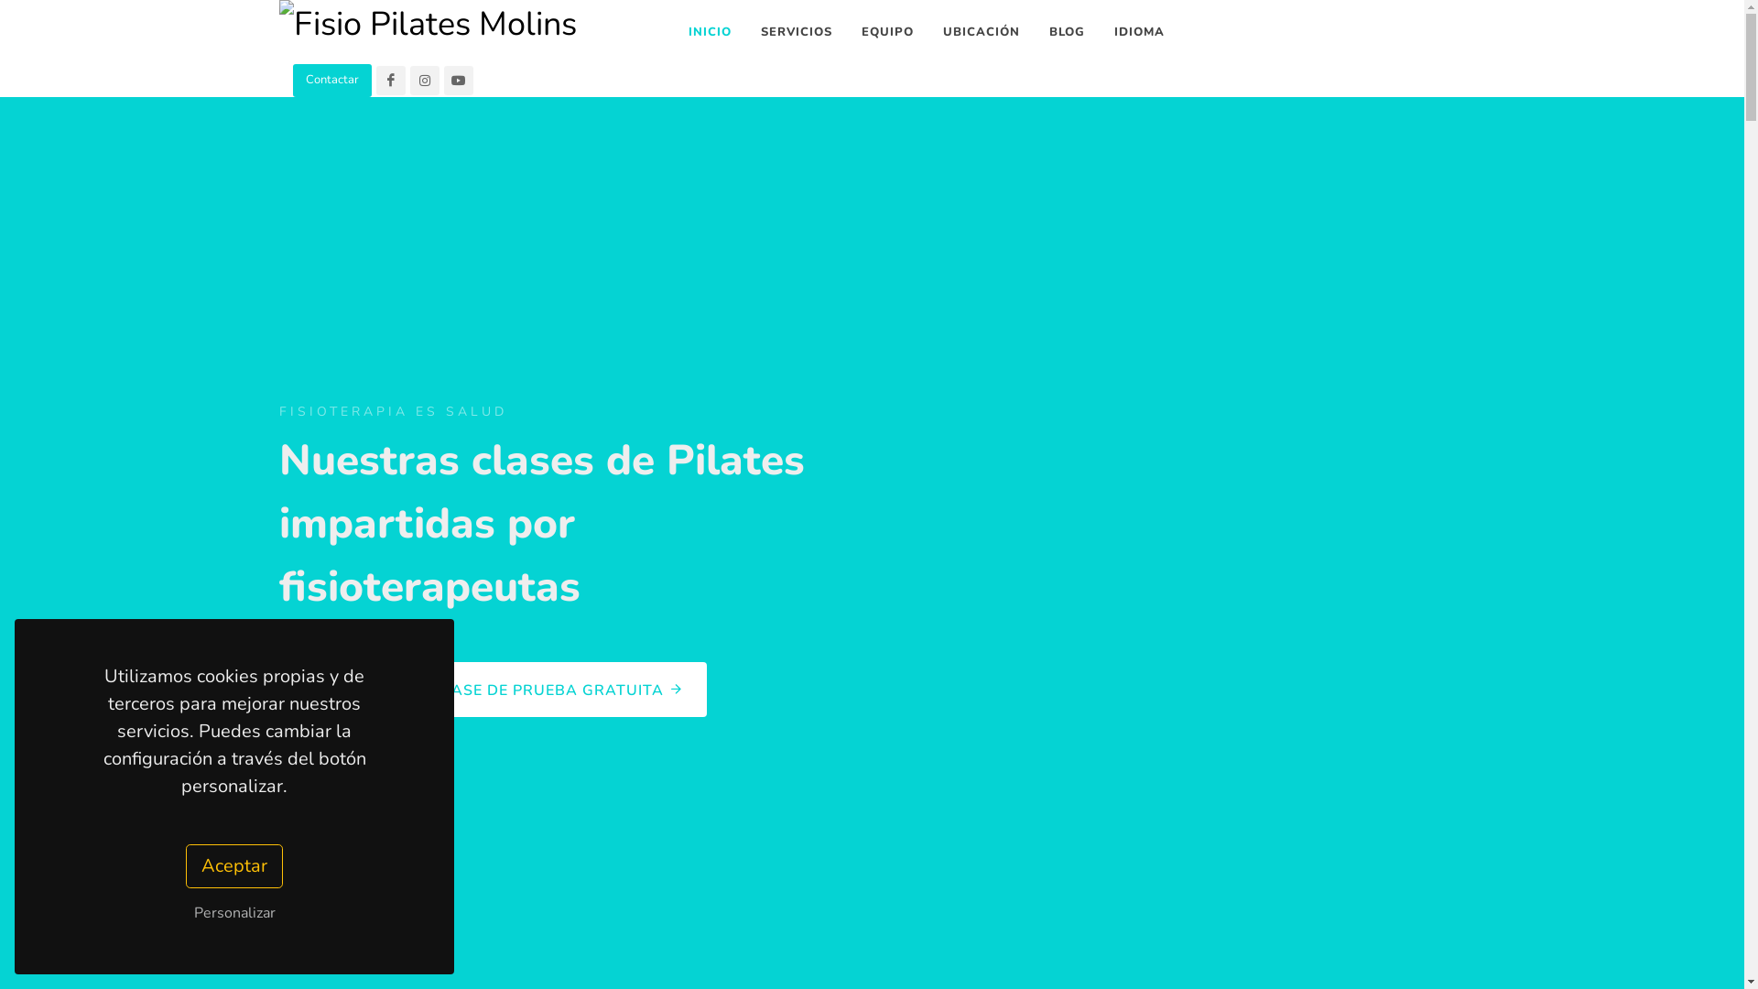  What do you see at coordinates (887, 31) in the screenshot?
I see `'EQUIPO'` at bounding box center [887, 31].